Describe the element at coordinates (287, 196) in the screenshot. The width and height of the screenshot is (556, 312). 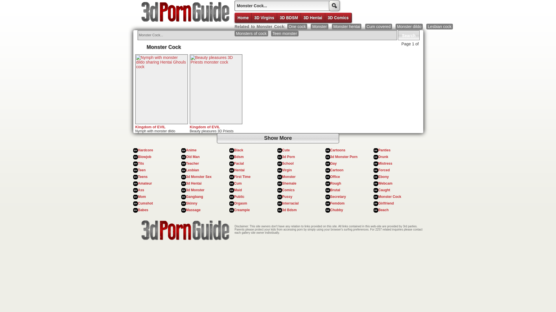
I see `'Pussy'` at that location.